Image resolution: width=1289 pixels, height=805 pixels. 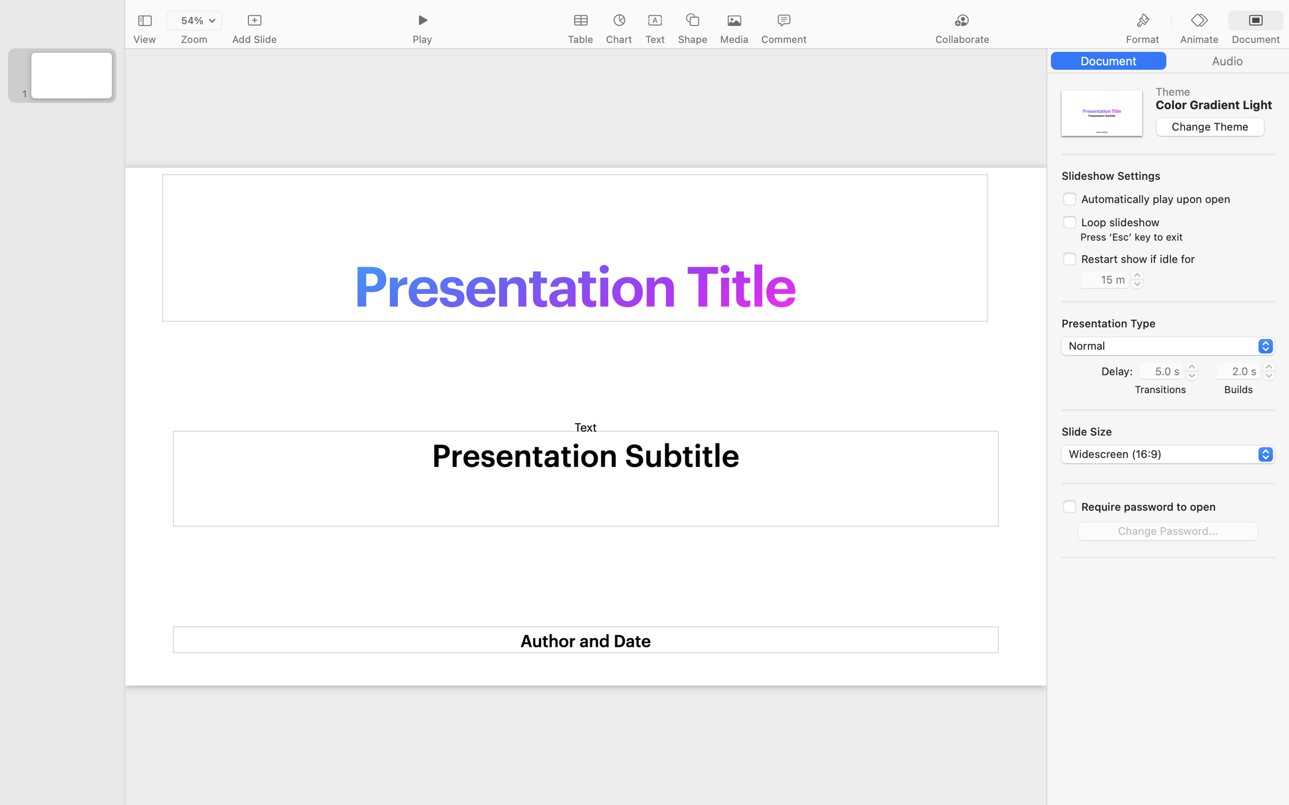 I want to click on 'Widescreen (16:9)', so click(x=1169, y=455).